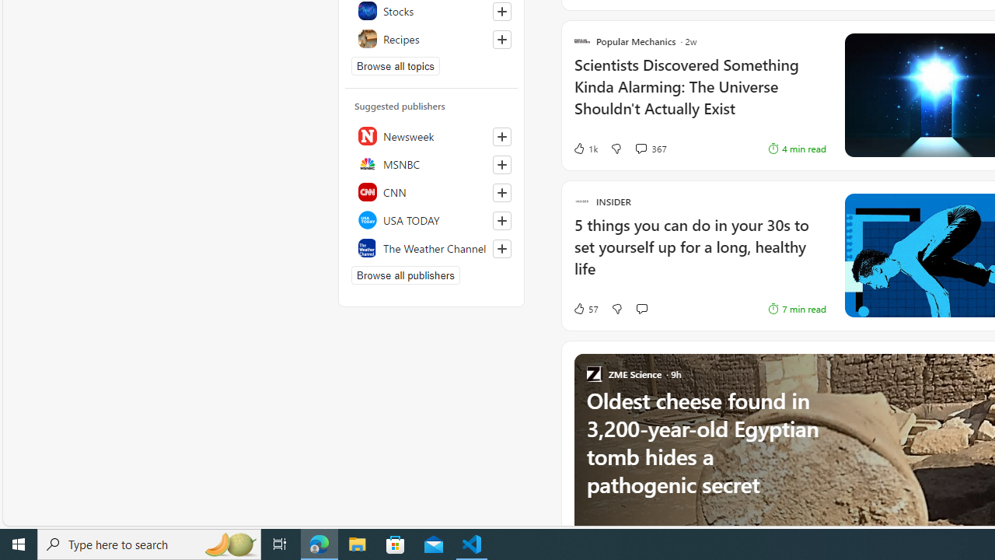  What do you see at coordinates (501, 39) in the screenshot?
I see `'Follow this topic'` at bounding box center [501, 39].